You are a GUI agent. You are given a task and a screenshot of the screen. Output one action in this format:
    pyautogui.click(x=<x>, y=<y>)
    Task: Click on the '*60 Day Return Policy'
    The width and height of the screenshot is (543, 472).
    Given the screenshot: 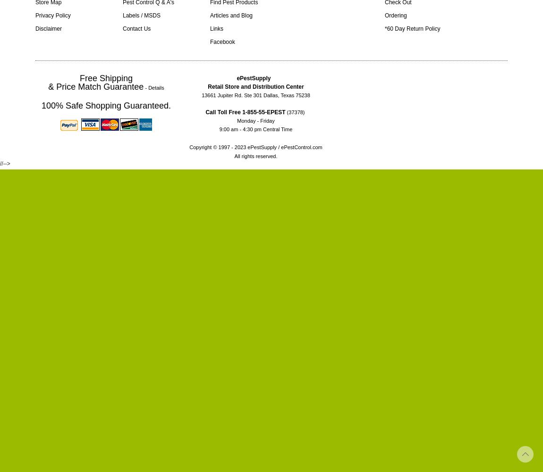 What is the action you would take?
    pyautogui.click(x=412, y=29)
    